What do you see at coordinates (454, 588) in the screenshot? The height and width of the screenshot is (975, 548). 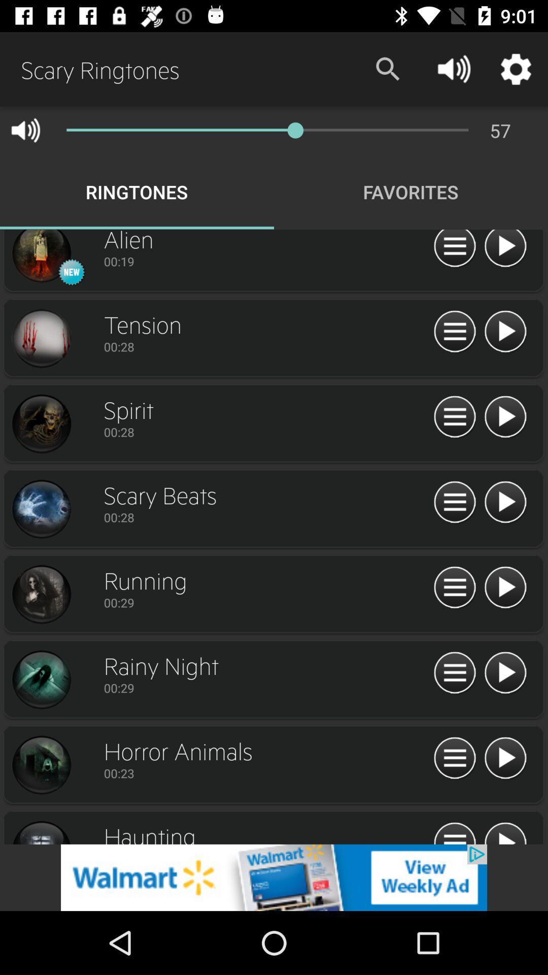 I see `music description button` at bounding box center [454, 588].